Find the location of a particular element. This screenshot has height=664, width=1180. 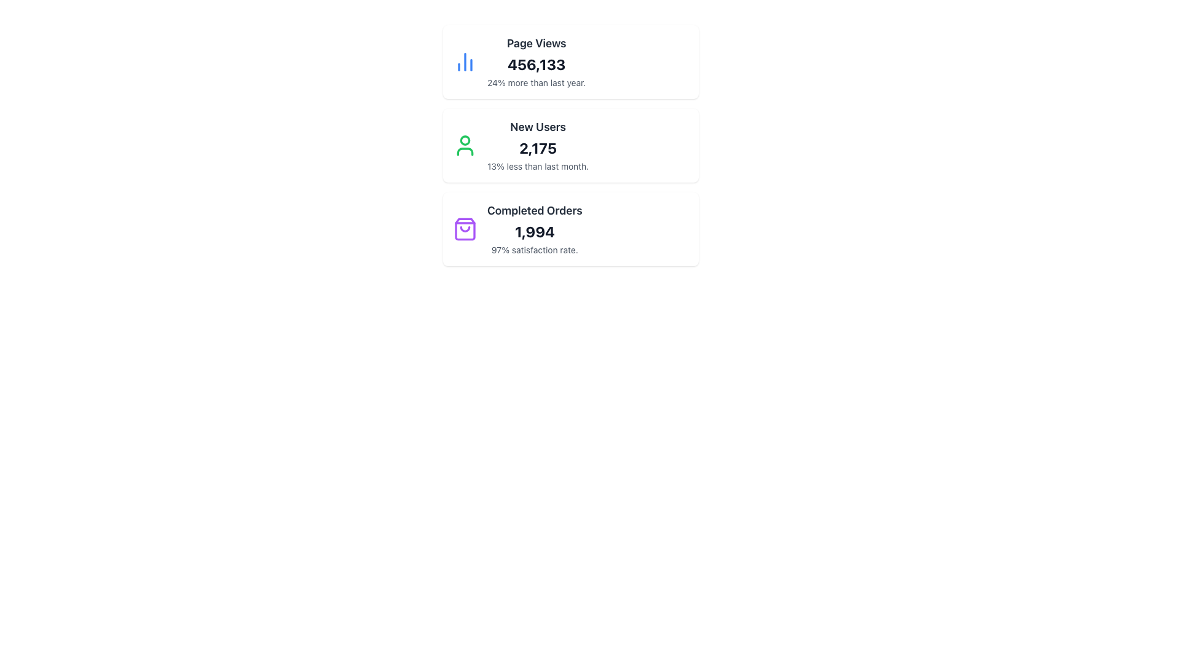

the Text Display showing the number '456,133', which is prominently styled in dark gray and positioned below 'Page Views' is located at coordinates (537, 64).